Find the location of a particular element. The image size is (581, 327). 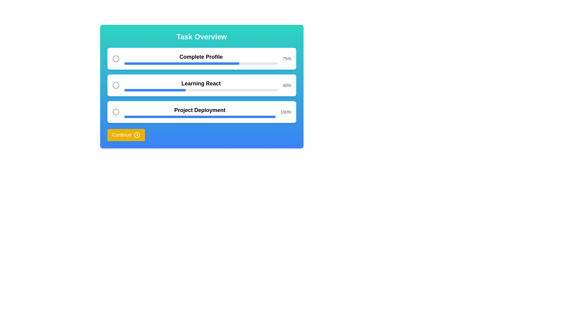

the blue progress bar indicating 75% completion, which is located below the 'Complete Profile' text in the first progress bar section is located at coordinates (201, 63).